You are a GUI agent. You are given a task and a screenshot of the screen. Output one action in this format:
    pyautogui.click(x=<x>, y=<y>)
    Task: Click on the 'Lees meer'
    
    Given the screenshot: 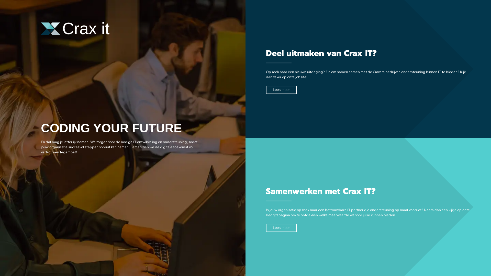 What is the action you would take?
    pyautogui.click(x=266, y=89)
    